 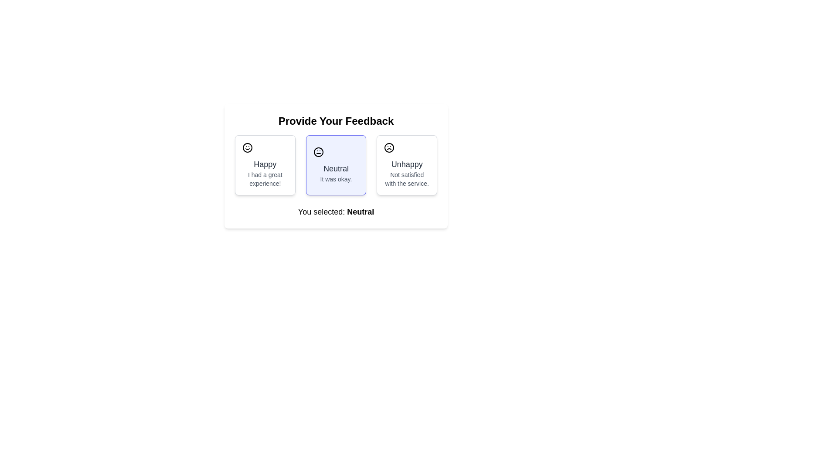 I want to click on the prominent heading text element displaying 'Neutral', which is bold and dark gray, centrally located within the feedback card under the emoji icon, so click(x=336, y=168).